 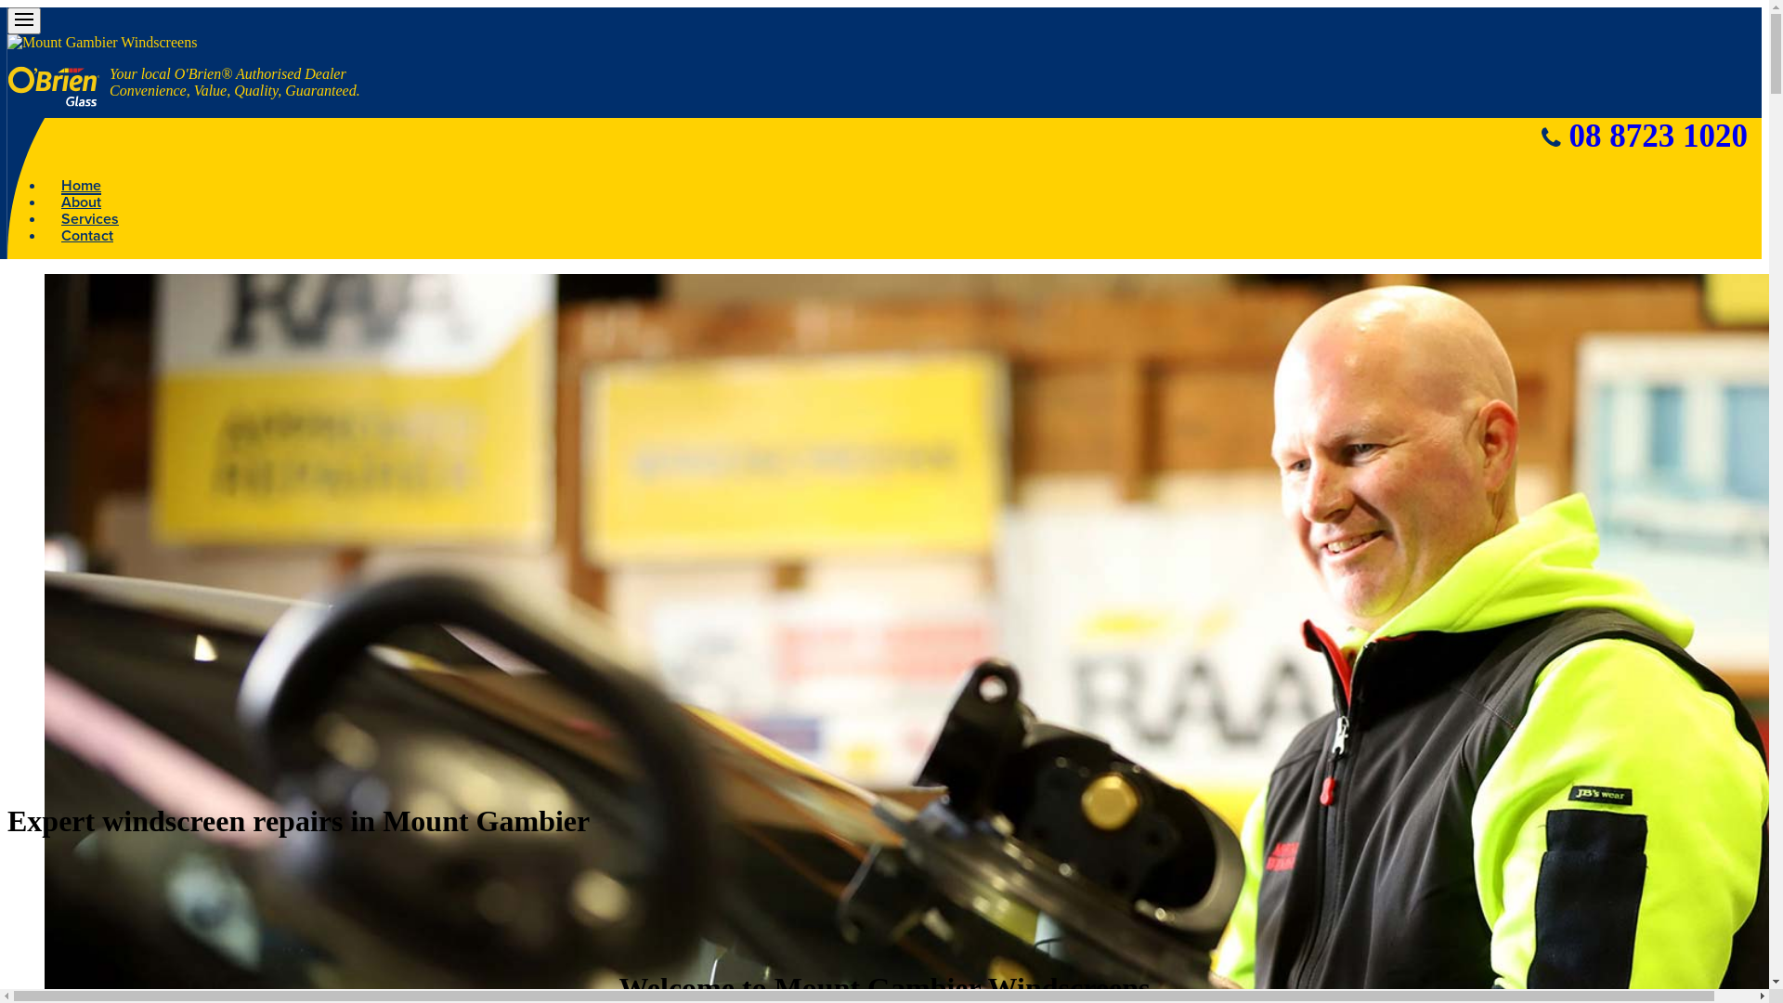 What do you see at coordinates (88, 218) in the screenshot?
I see `'Services'` at bounding box center [88, 218].